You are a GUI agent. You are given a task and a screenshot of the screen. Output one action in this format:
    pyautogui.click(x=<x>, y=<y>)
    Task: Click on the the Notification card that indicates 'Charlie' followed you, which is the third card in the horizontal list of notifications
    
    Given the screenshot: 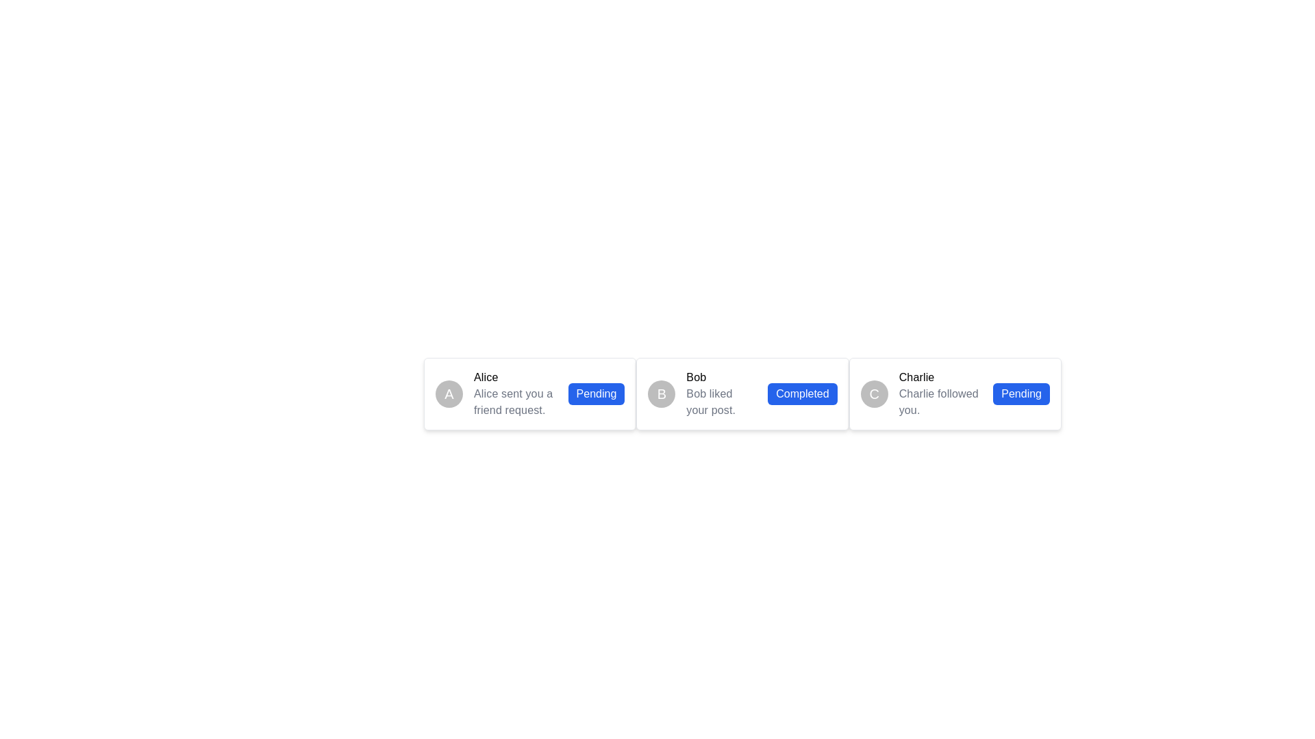 What is the action you would take?
    pyautogui.click(x=954, y=393)
    